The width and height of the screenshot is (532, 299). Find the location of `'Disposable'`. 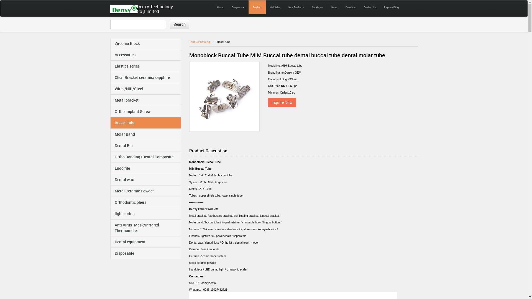

'Disposable' is located at coordinates (145, 253).